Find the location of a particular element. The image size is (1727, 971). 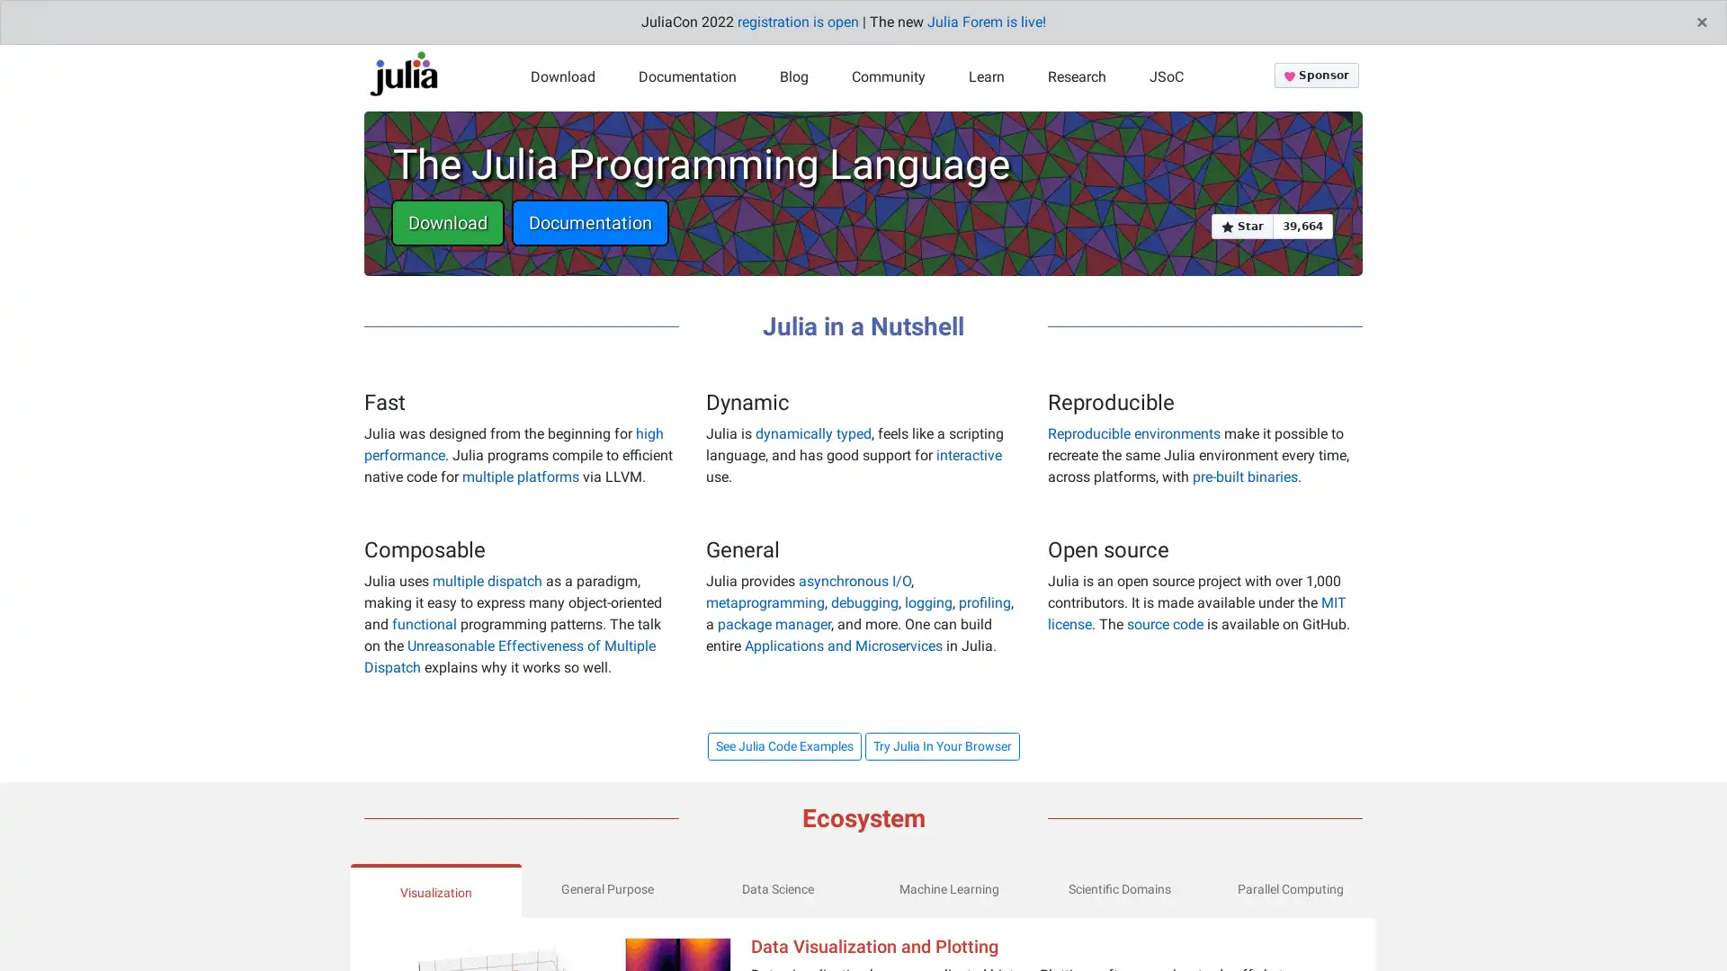

Download is located at coordinates (448, 220).